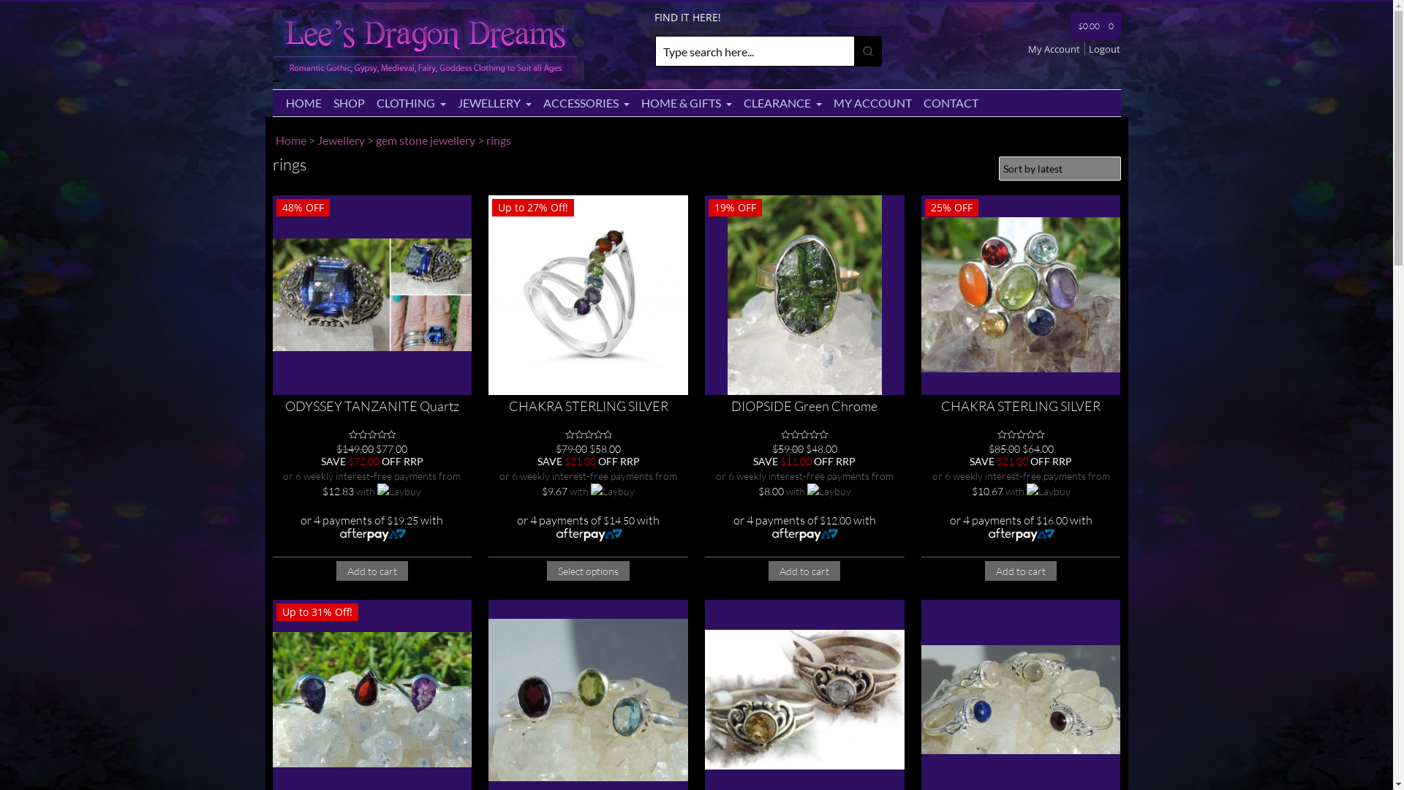 The height and width of the screenshot is (790, 1404). Describe the element at coordinates (1056, 48) in the screenshot. I see `'My Account'` at that location.